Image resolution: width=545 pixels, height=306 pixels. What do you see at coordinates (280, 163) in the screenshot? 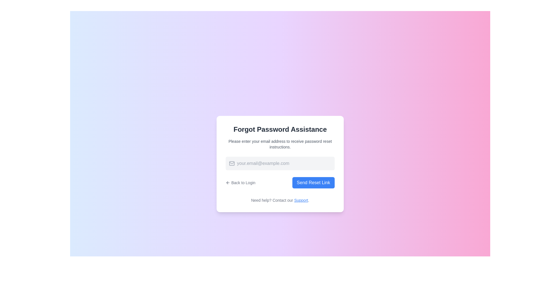
I see `the email input field located in the center of the dialog box to focus on it for entering email addresses for password reset` at bounding box center [280, 163].